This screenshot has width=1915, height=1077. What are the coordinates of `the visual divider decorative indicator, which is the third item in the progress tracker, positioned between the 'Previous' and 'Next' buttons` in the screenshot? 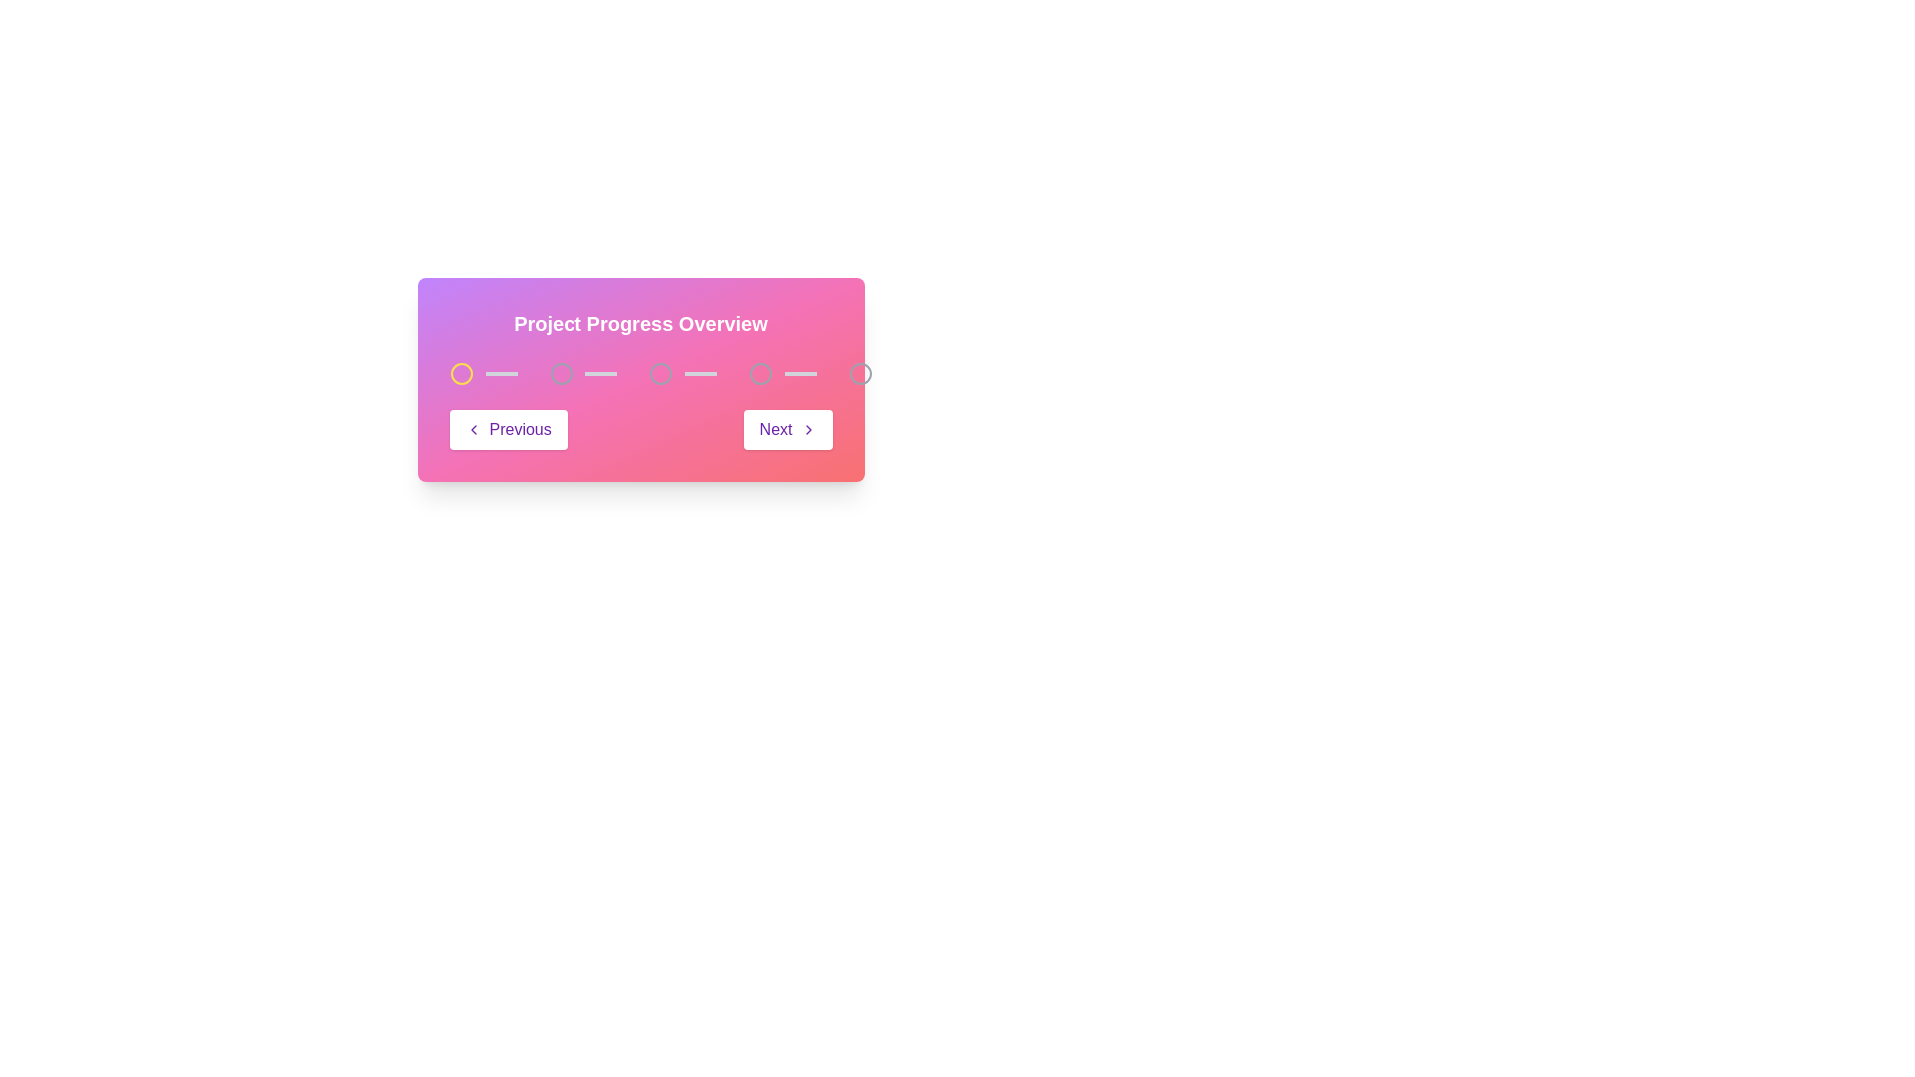 It's located at (599, 373).